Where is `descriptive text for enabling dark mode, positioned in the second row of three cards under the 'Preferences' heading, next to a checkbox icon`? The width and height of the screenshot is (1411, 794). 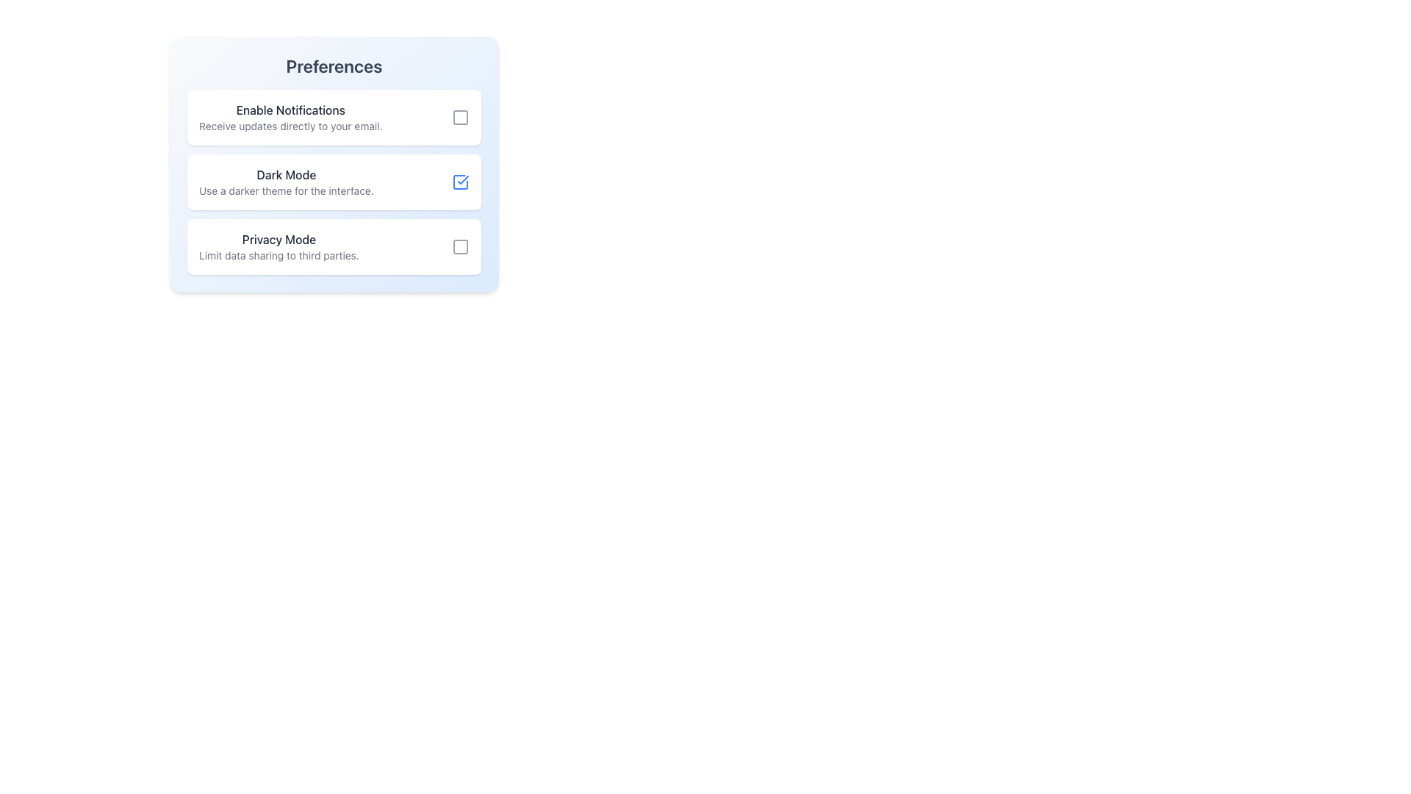 descriptive text for enabling dark mode, positioned in the second row of three cards under the 'Preferences' heading, next to a checkbox icon is located at coordinates (286, 181).